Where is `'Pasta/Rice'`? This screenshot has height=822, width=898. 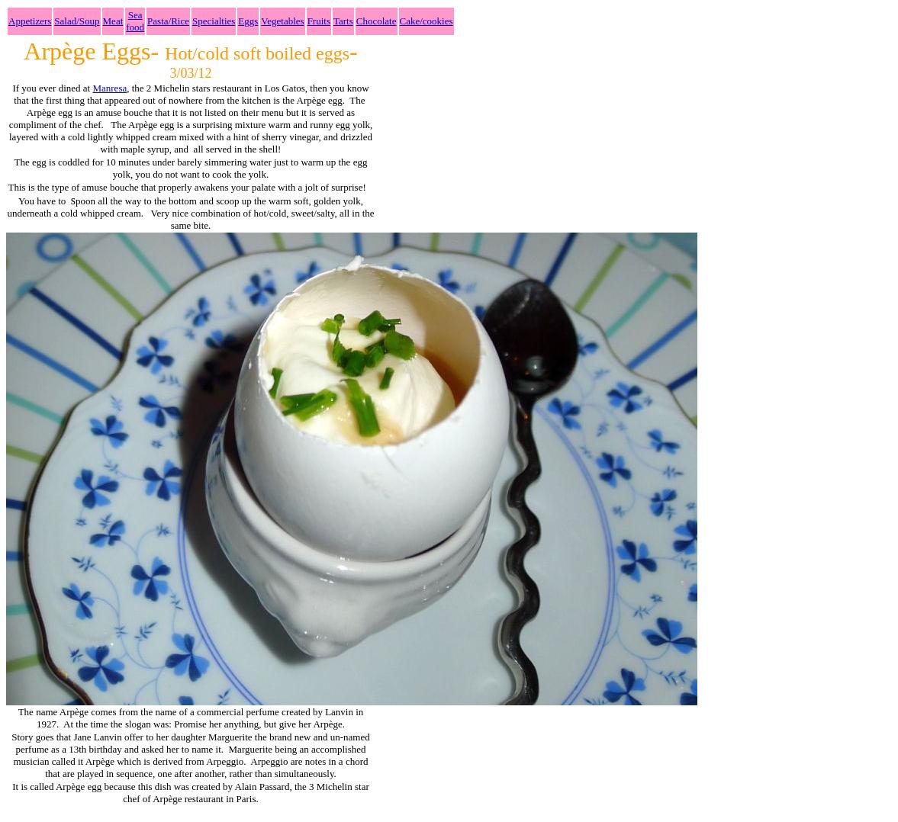 'Pasta/Rice' is located at coordinates (167, 20).